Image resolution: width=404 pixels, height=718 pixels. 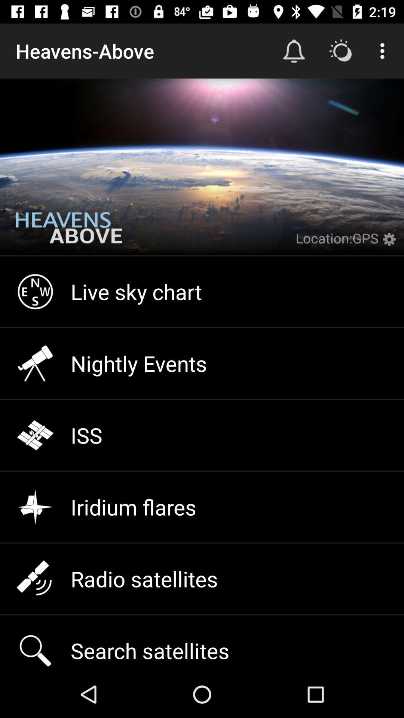 What do you see at coordinates (391, 244) in the screenshot?
I see `the item to the right of location:gps icon` at bounding box center [391, 244].